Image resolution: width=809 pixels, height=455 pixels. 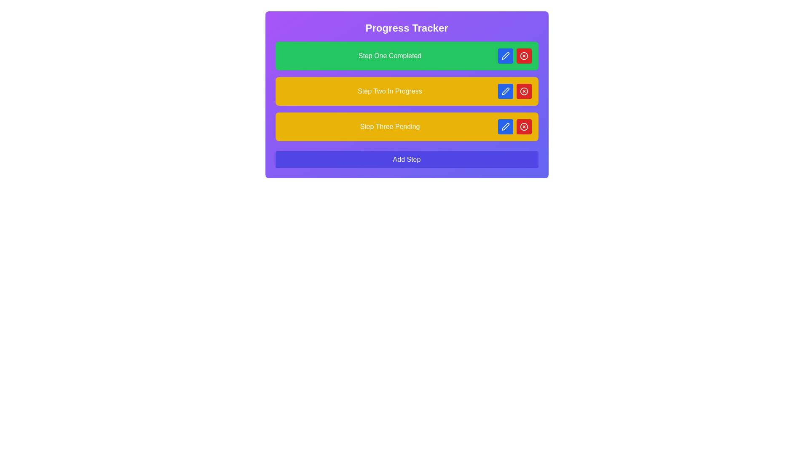 I want to click on the pen icon button located in the second row of the progress tracker interface to initiate editing, so click(x=505, y=91).